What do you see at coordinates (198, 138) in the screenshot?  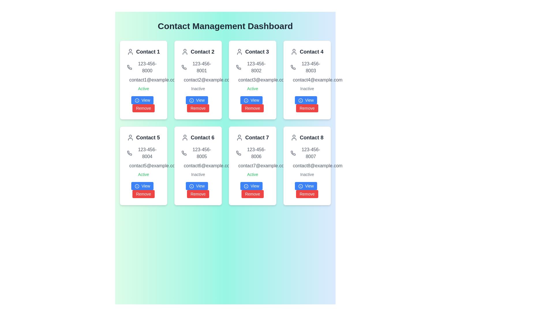 I see `the Text Label with Icon displaying 'Contact 6' located at the top of the card in the second row of the card grid layout` at bounding box center [198, 138].